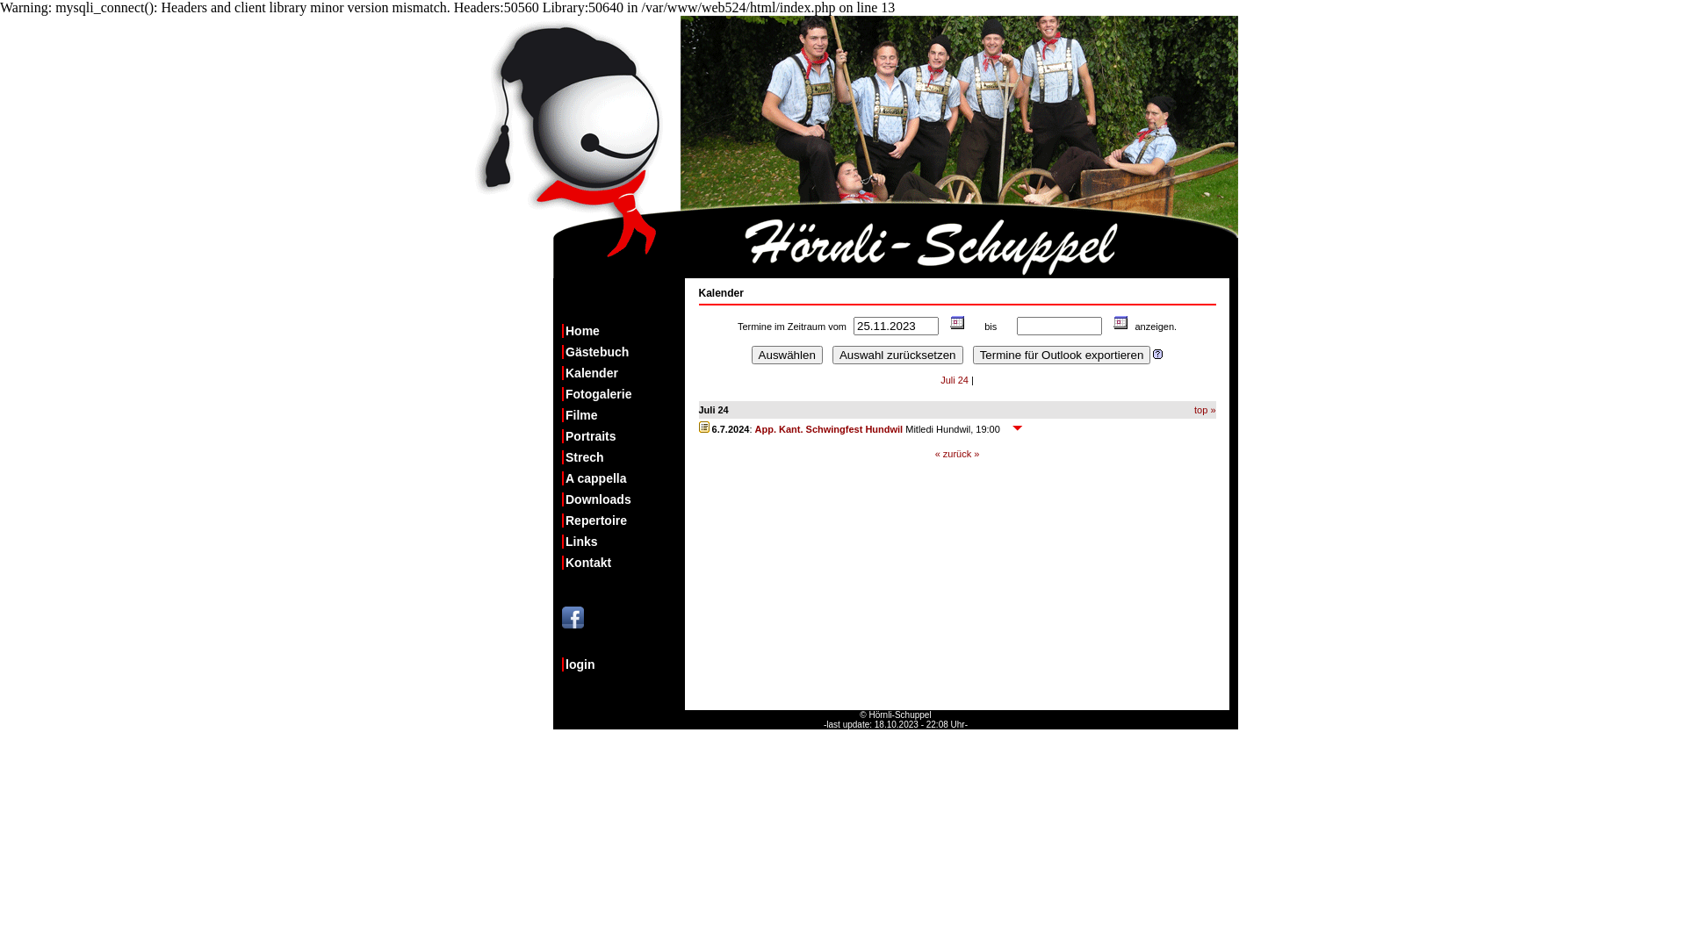 The image size is (1686, 948). I want to click on 'Links', so click(623, 541).